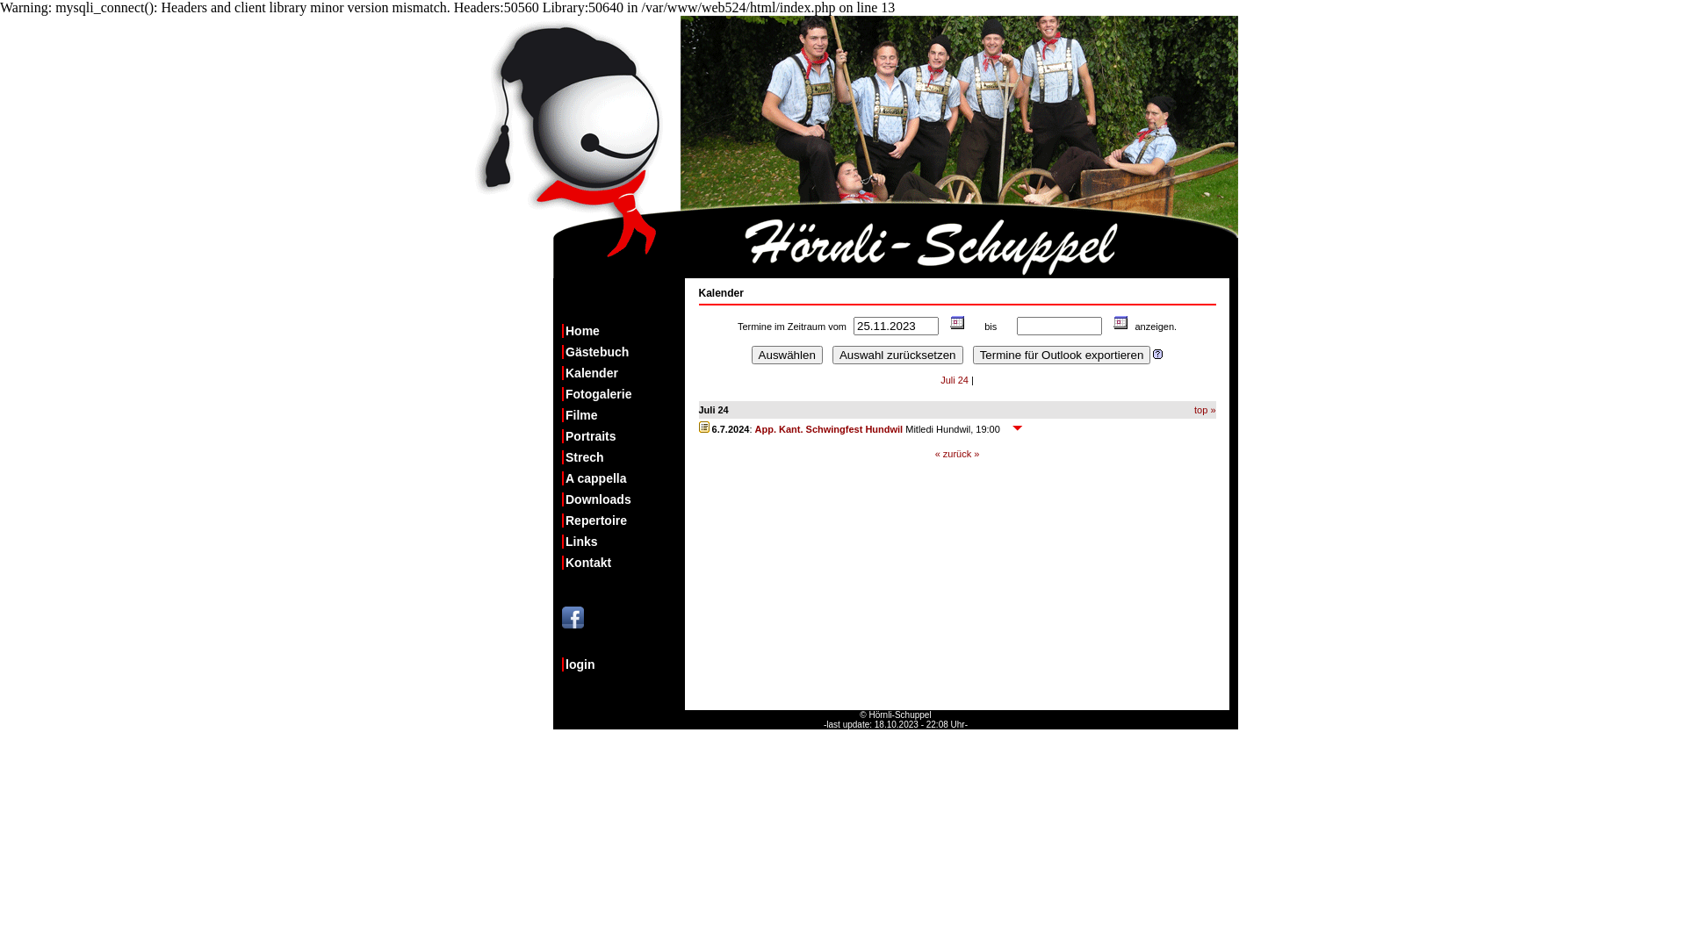 The image size is (1686, 948). I want to click on 'Links', so click(623, 541).